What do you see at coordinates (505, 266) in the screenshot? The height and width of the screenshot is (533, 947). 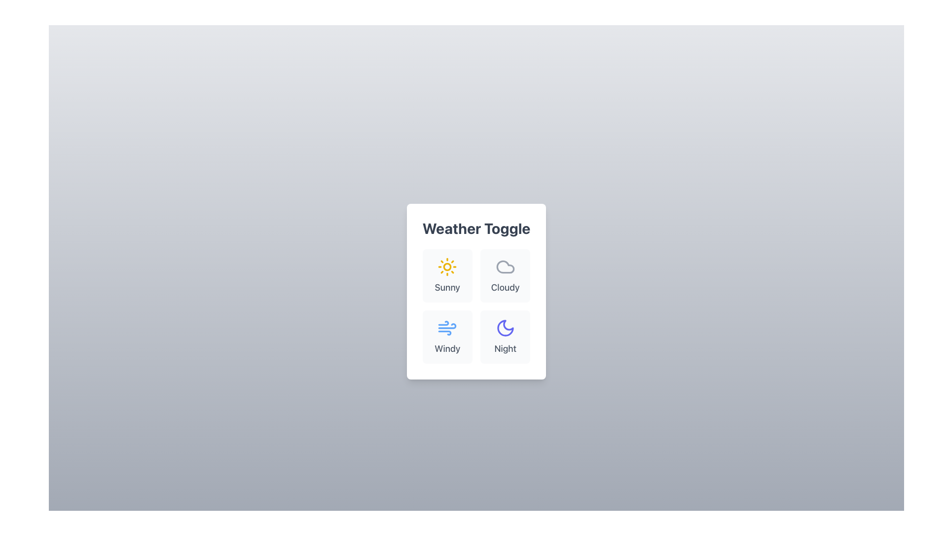 I see `the light gray cloud icon located in the top-right area of the 'Weather Toggle' card, directly below the word 'Cloudy'` at bounding box center [505, 266].